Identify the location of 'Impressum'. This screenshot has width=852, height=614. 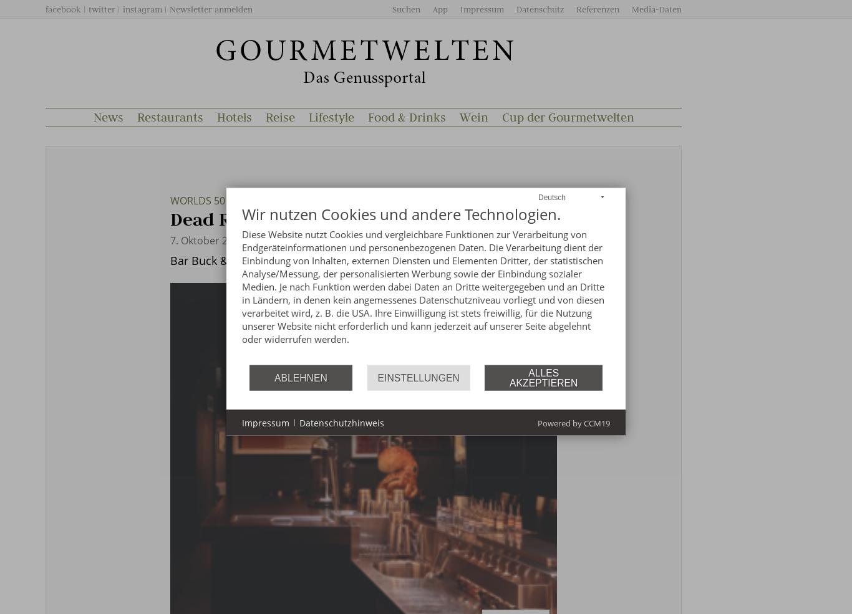
(482, 9).